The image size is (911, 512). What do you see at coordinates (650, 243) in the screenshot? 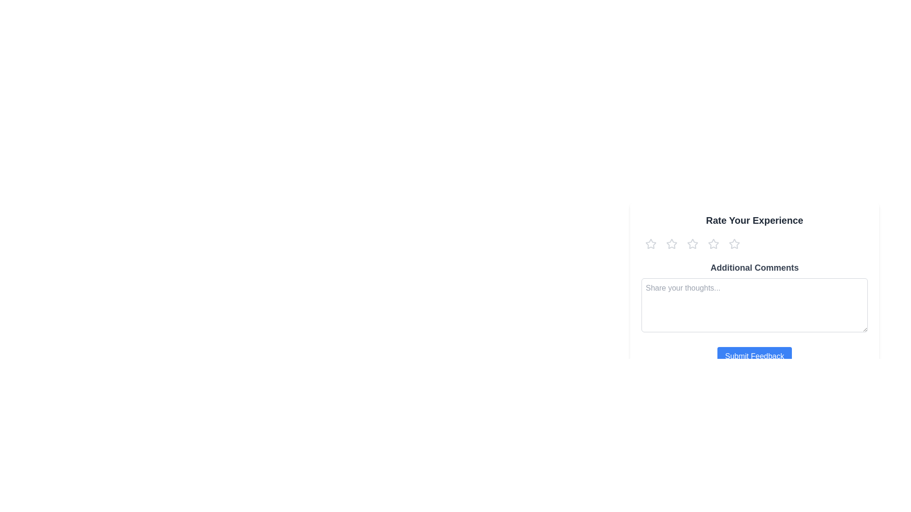
I see `the first star icon in the 'Rate Your Experience' section` at bounding box center [650, 243].